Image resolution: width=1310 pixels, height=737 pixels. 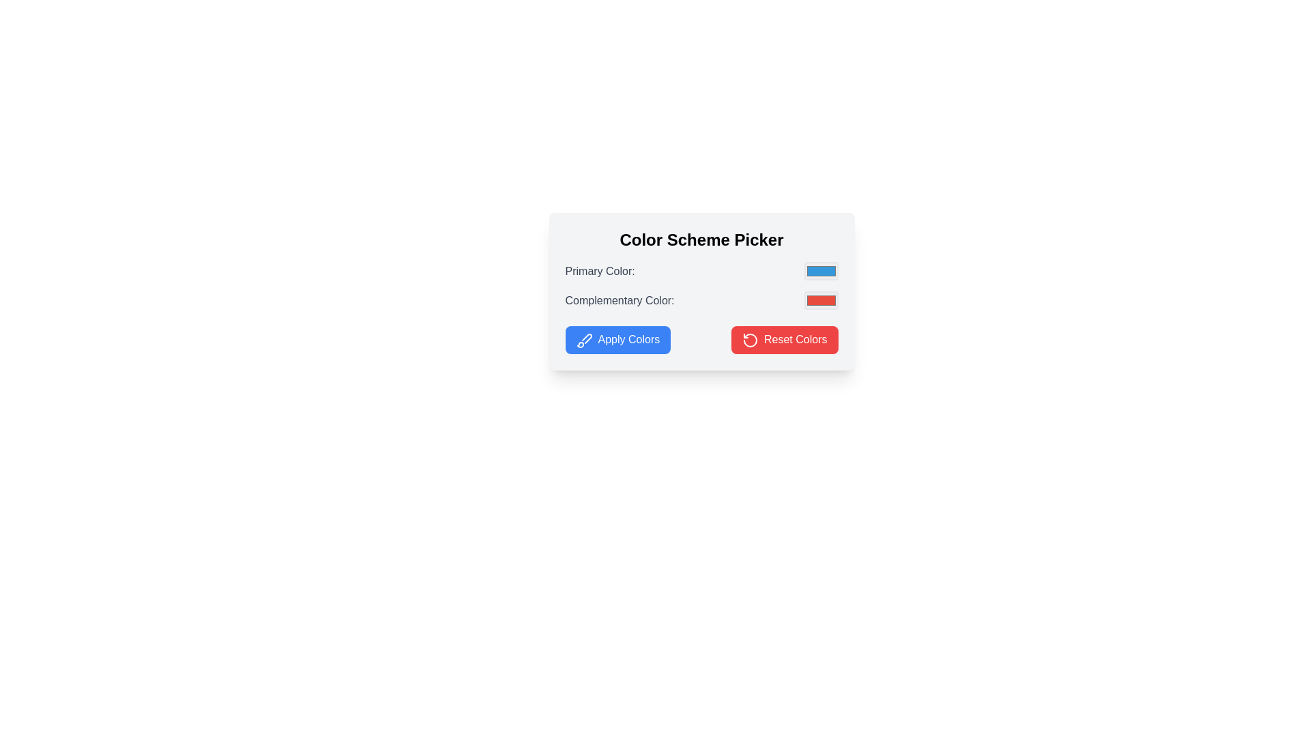 What do you see at coordinates (820, 271) in the screenshot?
I see `the blue Color input field located in the top right area of the interface card to change its value` at bounding box center [820, 271].